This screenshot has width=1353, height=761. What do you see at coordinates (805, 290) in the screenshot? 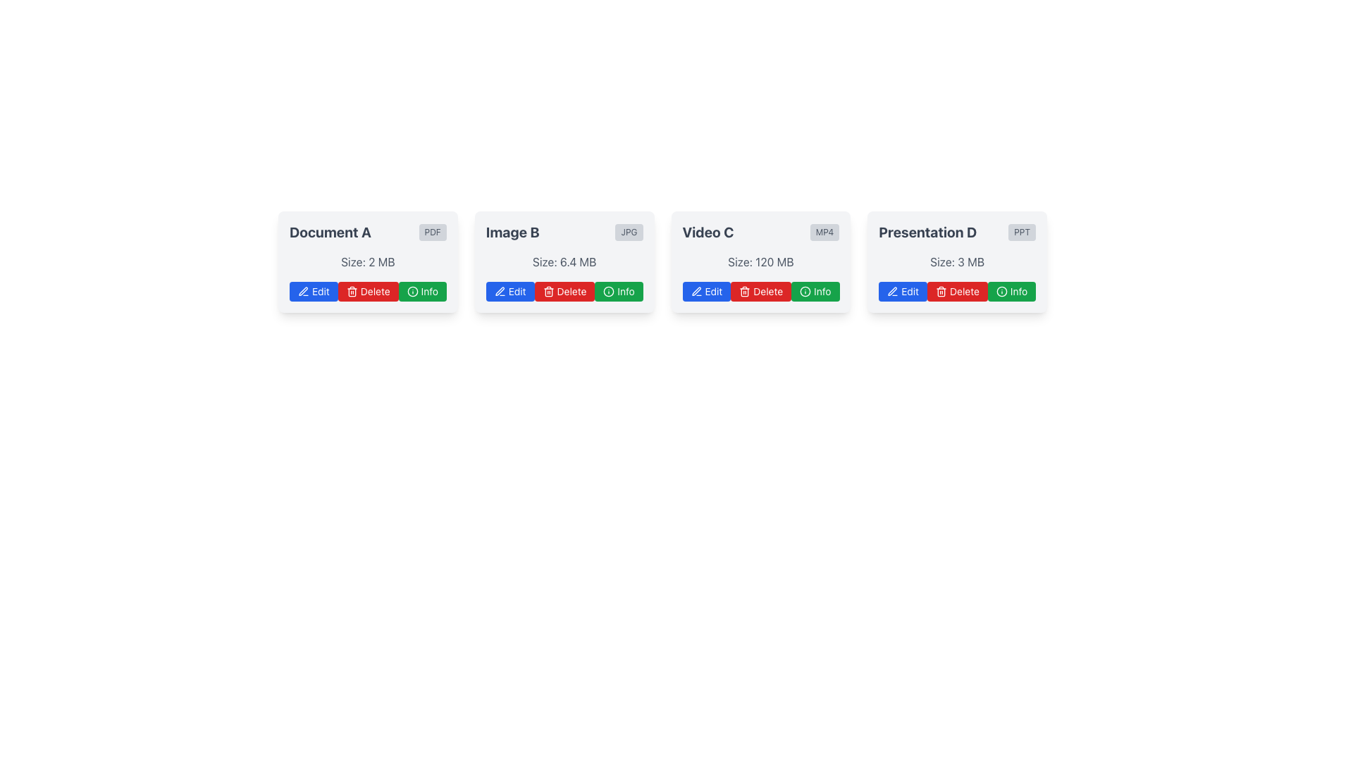
I see `the information icon within the 'Info' button located in the bottom right corner of the third card in a row of four cards` at bounding box center [805, 290].